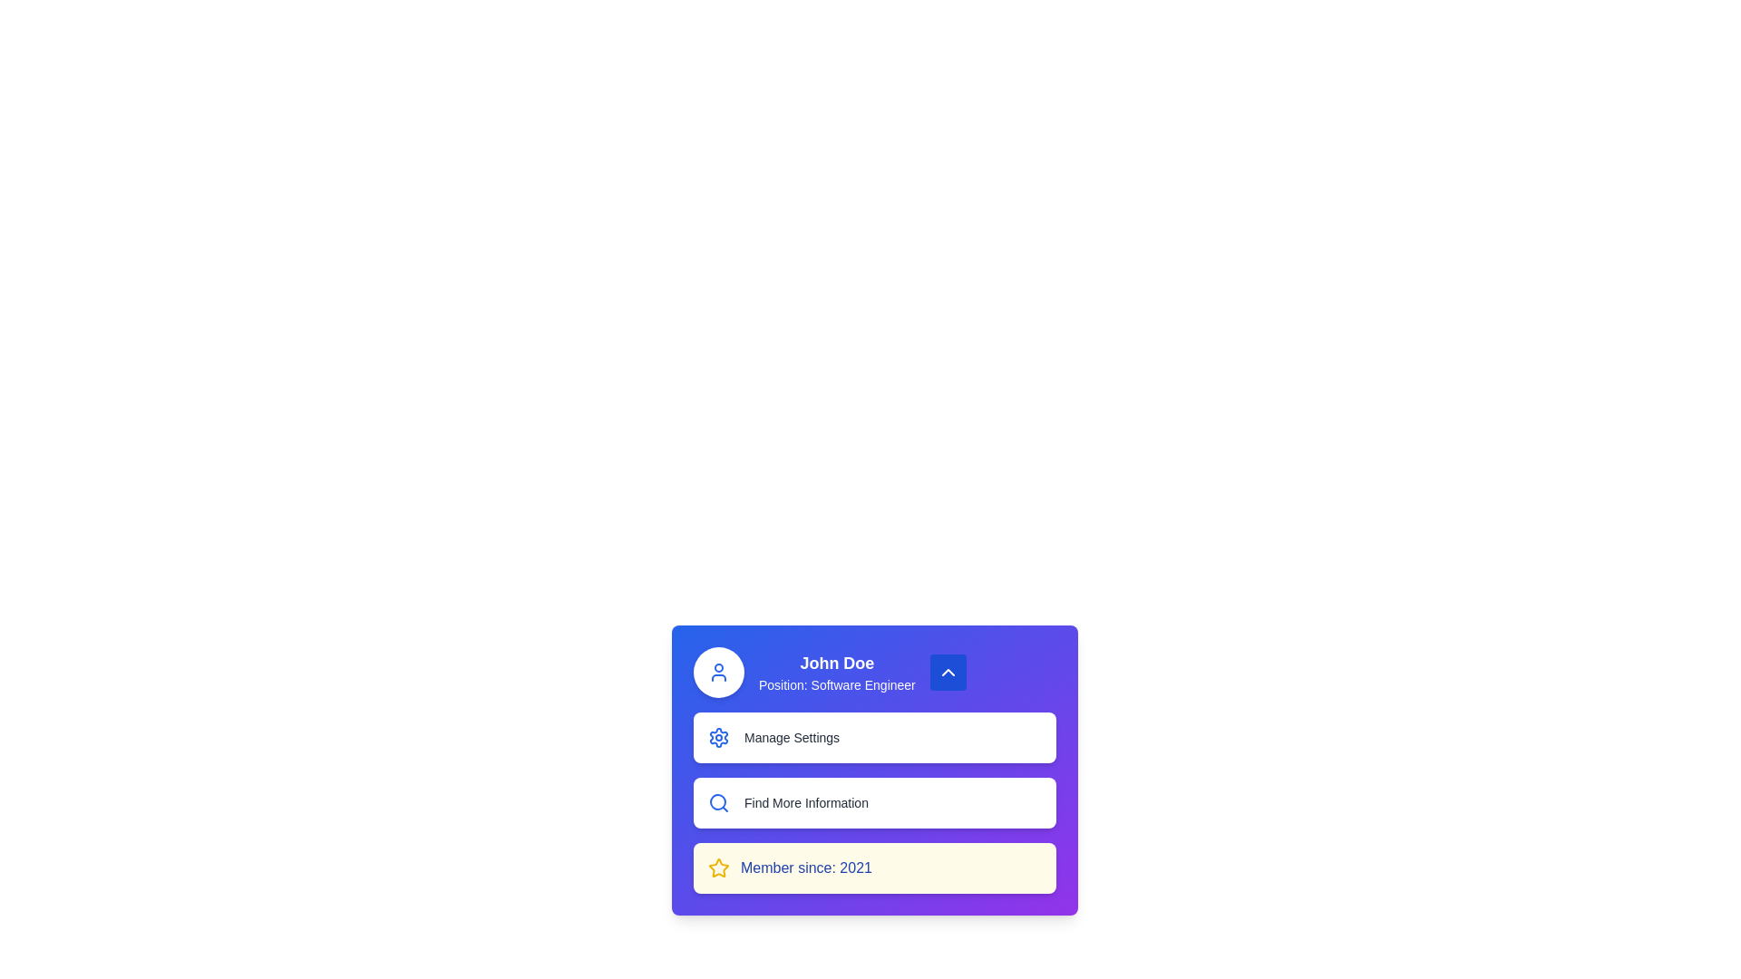  Describe the element at coordinates (717, 672) in the screenshot. I see `the user-avatar icon located in the top-left corner of the profile header section to interact with the profile` at that location.